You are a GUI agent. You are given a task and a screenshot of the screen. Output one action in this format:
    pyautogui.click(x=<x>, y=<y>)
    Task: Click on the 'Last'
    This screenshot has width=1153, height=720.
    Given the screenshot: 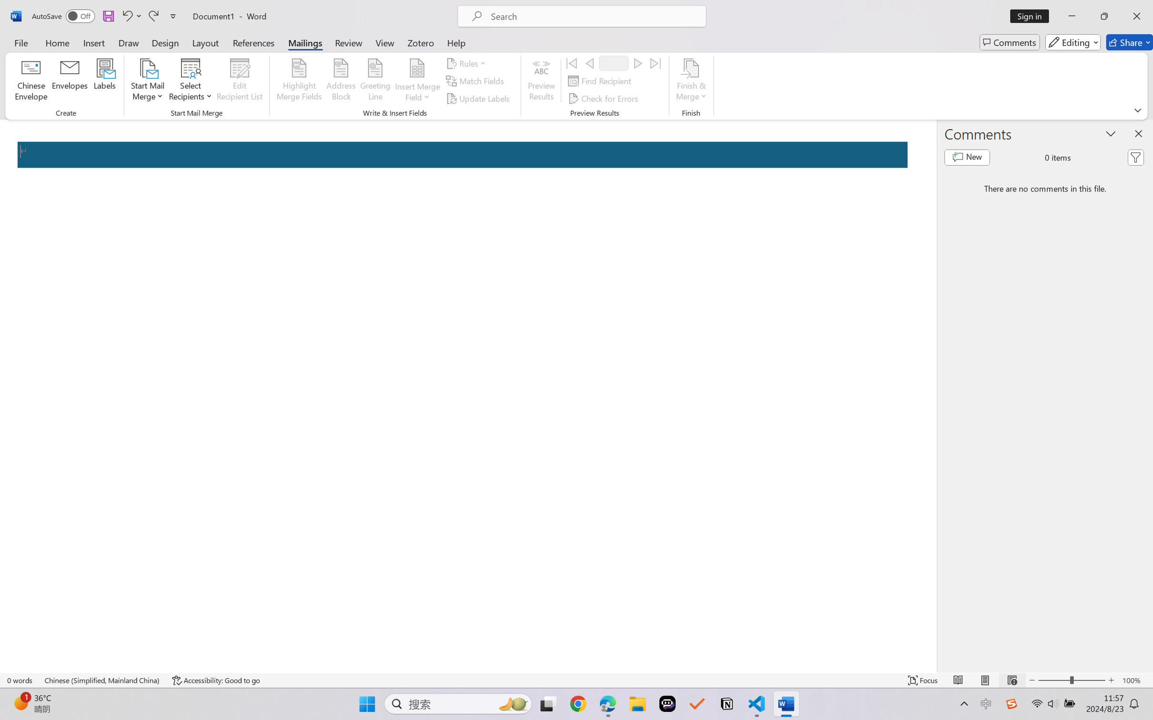 What is the action you would take?
    pyautogui.click(x=656, y=62)
    